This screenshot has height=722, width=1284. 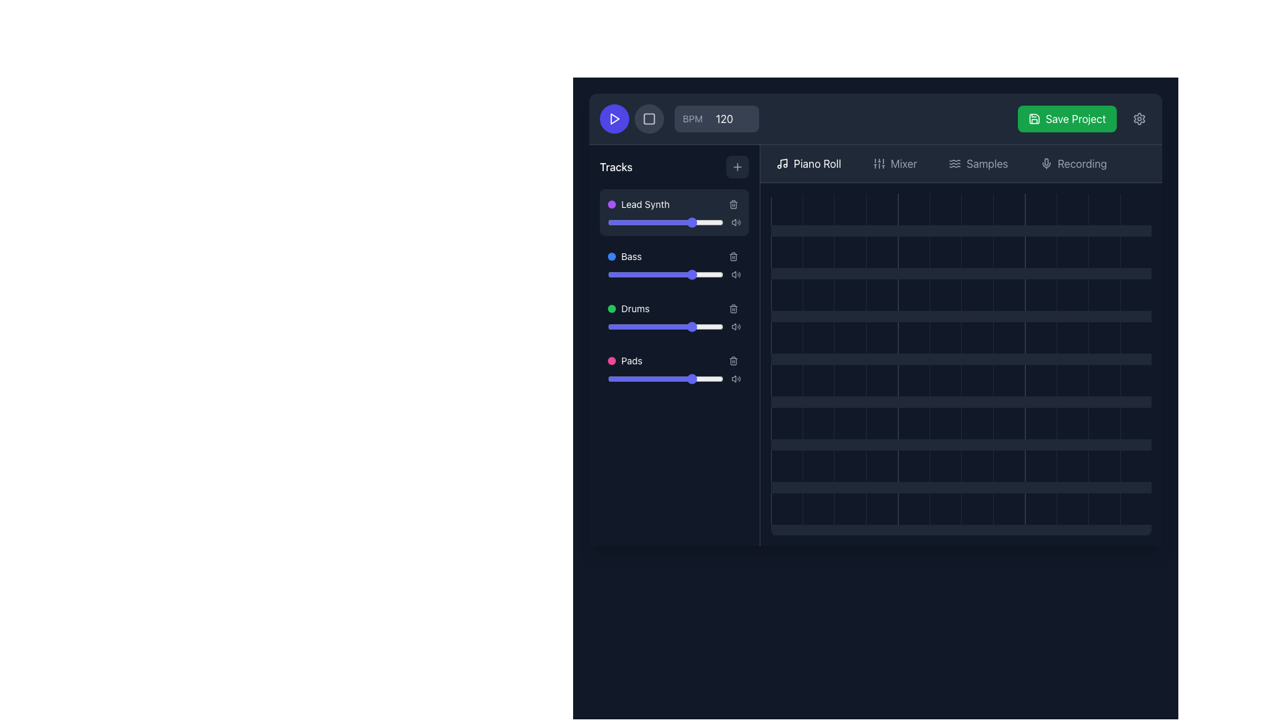 I want to click on the interactive grid cell located in the fourth column and fifth row of the piano roll interface, so click(x=849, y=380).